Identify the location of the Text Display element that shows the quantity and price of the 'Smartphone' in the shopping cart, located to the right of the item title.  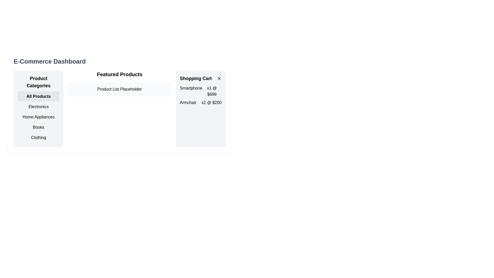
(212, 91).